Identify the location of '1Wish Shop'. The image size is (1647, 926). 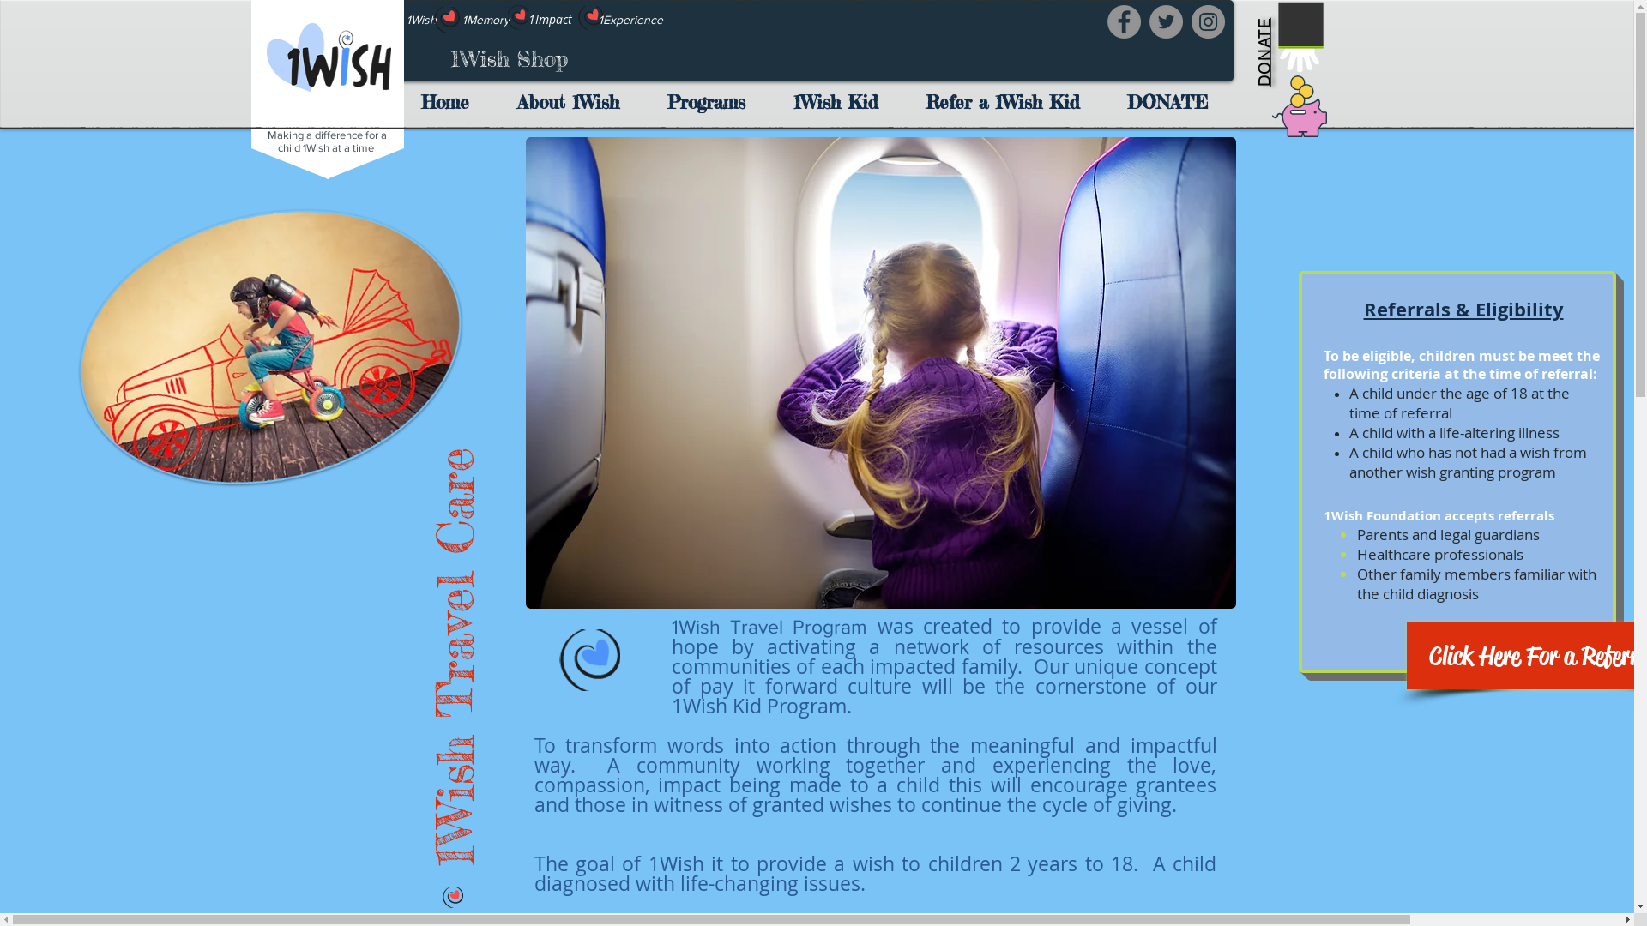
(508, 58).